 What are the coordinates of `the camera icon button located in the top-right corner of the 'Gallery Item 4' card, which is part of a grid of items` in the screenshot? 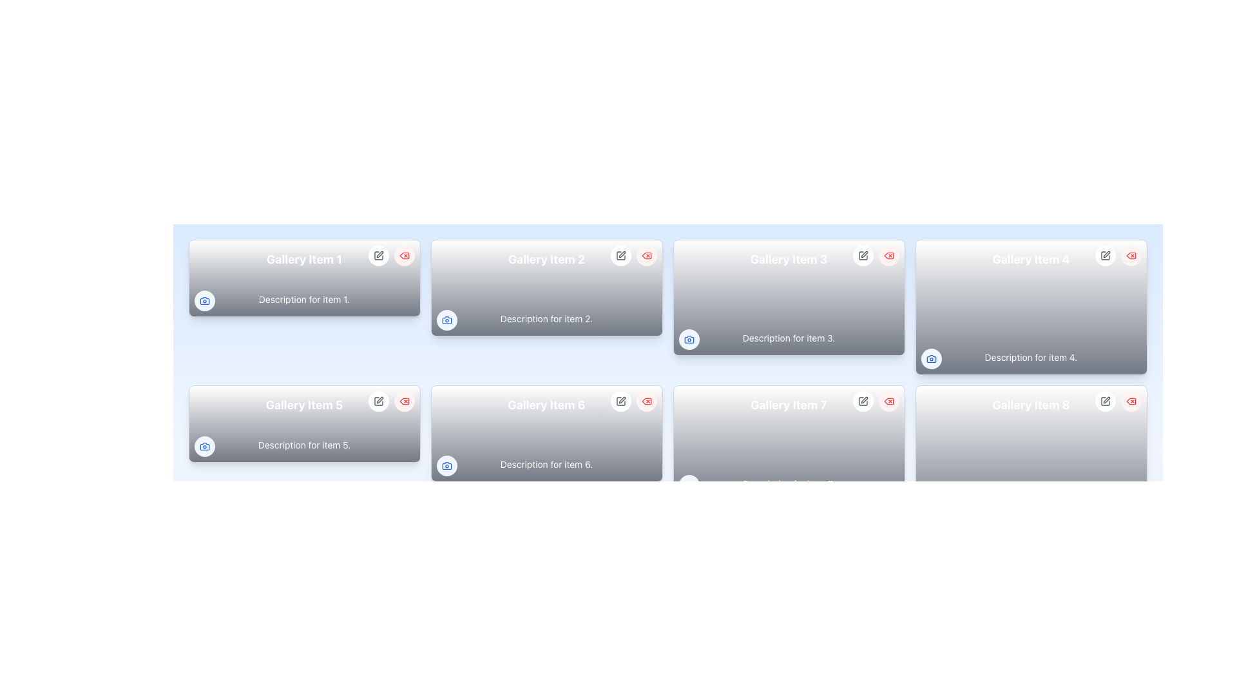 It's located at (931, 358).